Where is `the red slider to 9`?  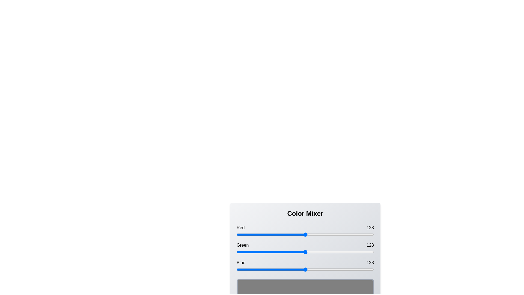 the red slider to 9 is located at coordinates (241, 234).